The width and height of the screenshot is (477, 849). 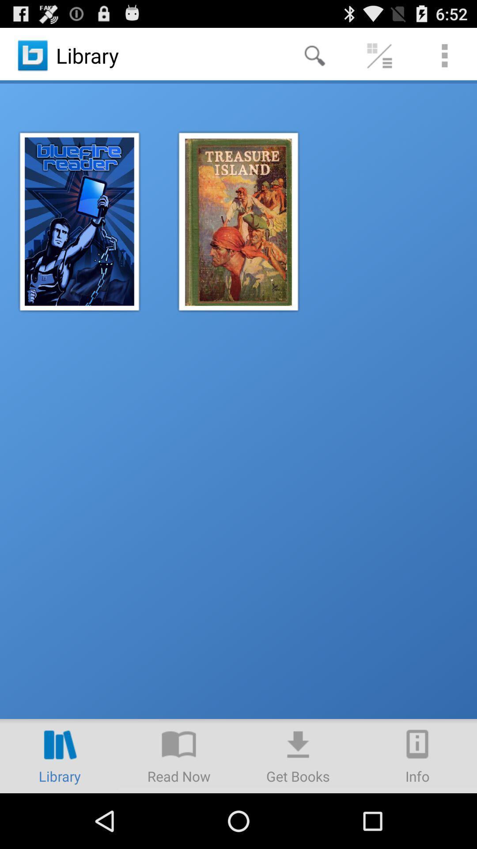 I want to click on icon at the bottom left corner, so click(x=60, y=755).